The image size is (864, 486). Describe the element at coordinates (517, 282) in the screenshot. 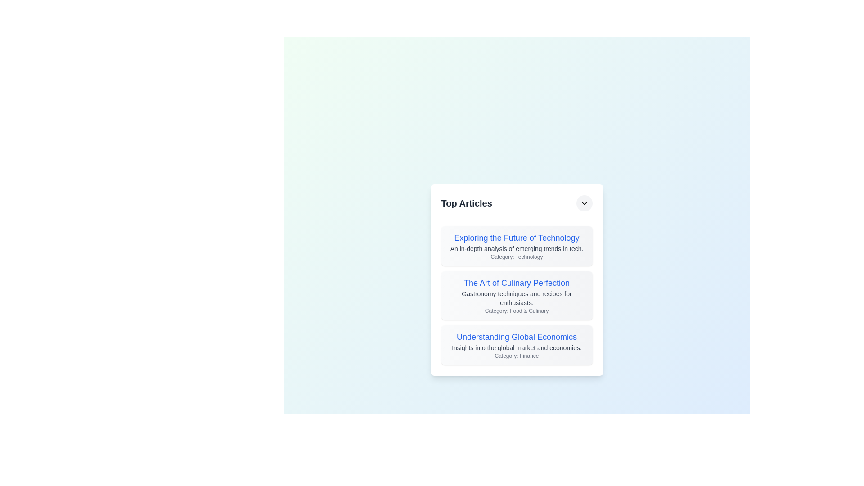

I see `the article titled 'The Art of Culinary Perfection' by clicking on its title` at that location.